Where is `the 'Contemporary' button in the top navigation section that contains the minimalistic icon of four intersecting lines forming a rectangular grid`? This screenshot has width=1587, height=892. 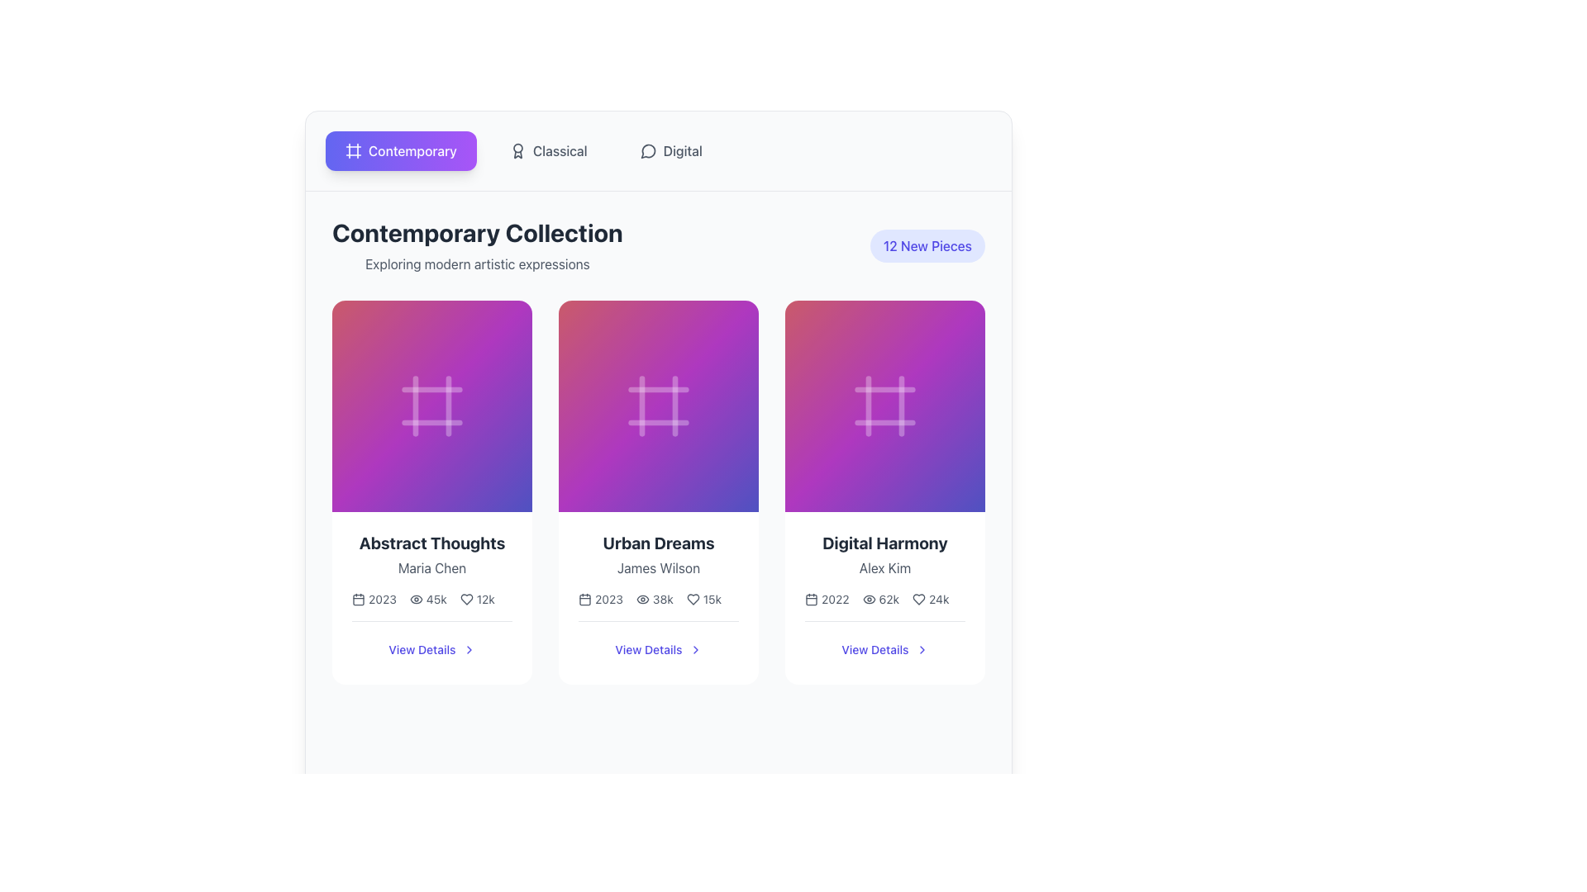 the 'Contemporary' button in the top navigation section that contains the minimalistic icon of four intersecting lines forming a rectangular grid is located at coordinates (352, 150).